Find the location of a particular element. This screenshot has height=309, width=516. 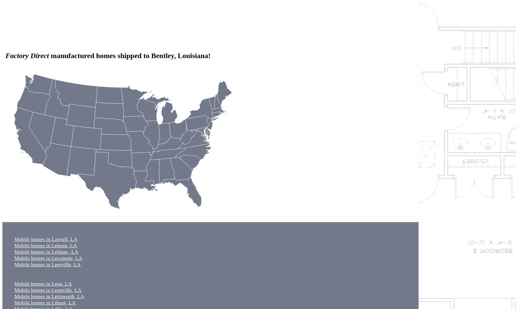

'Mobile homes in Leonville, LA' is located at coordinates (48, 290).